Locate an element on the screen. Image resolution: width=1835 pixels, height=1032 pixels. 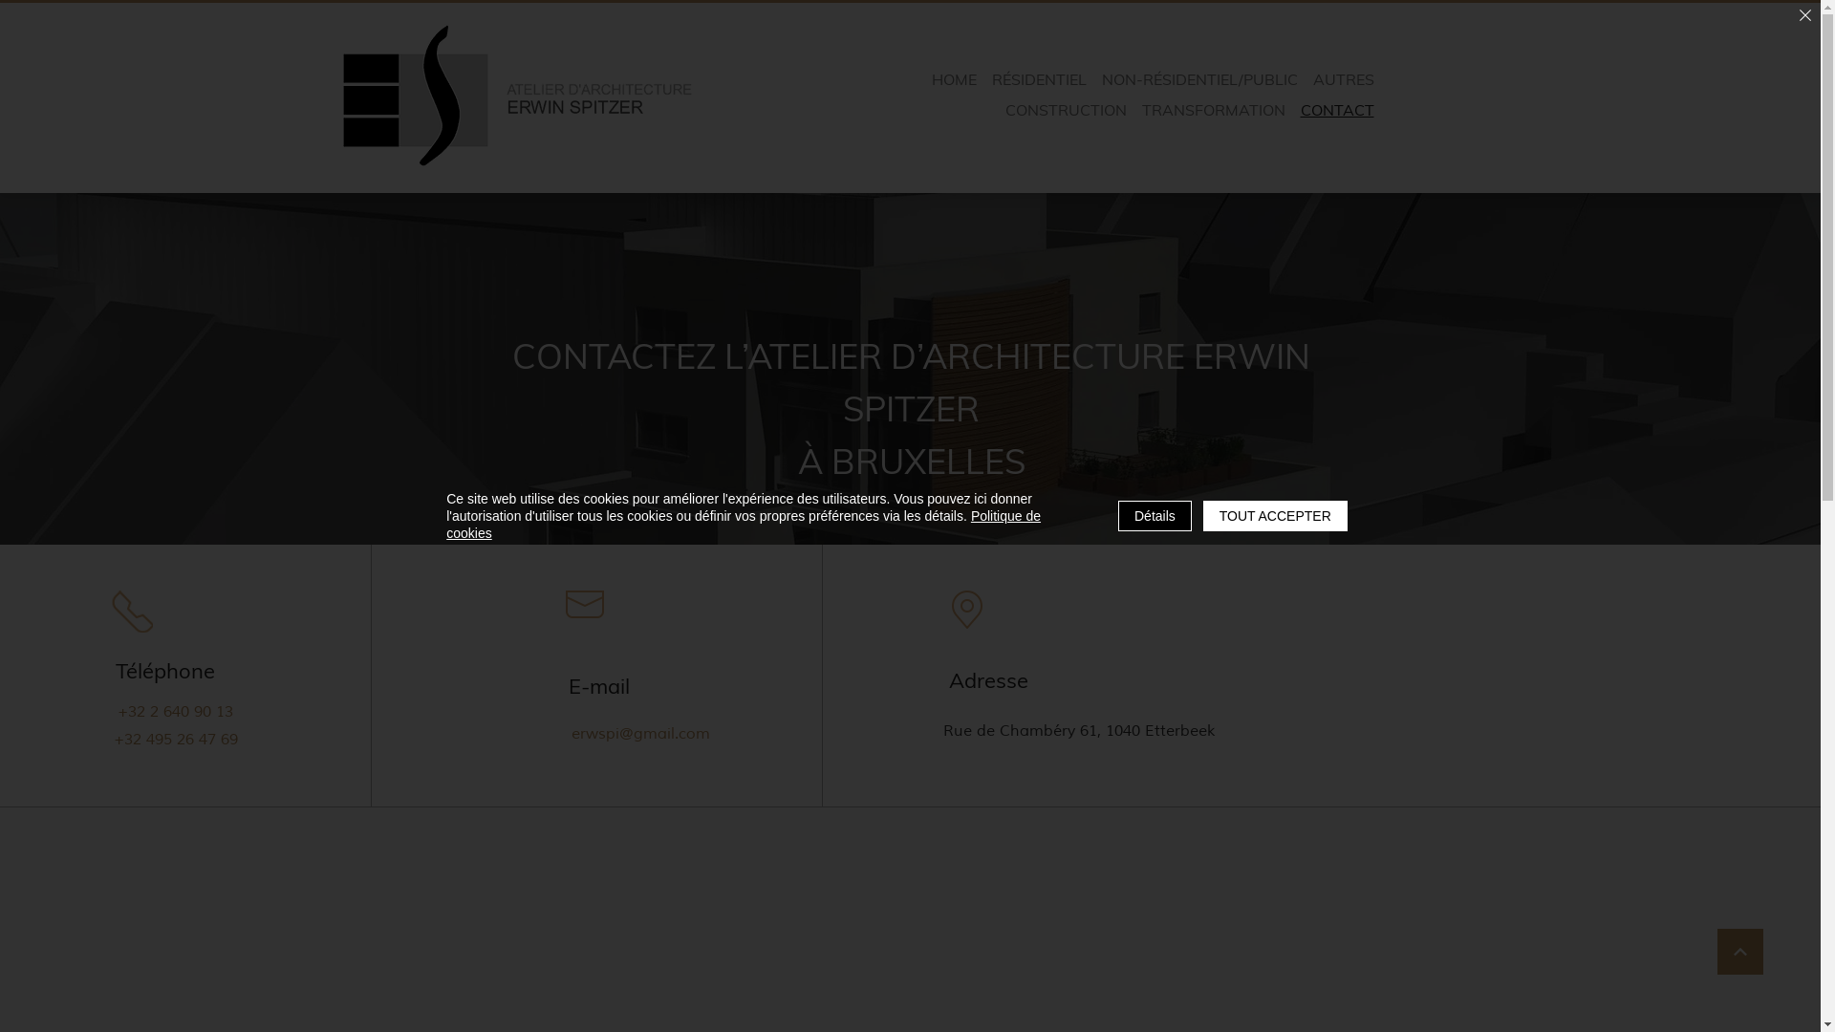
'+32 495 26 47 69' is located at coordinates (180, 738).